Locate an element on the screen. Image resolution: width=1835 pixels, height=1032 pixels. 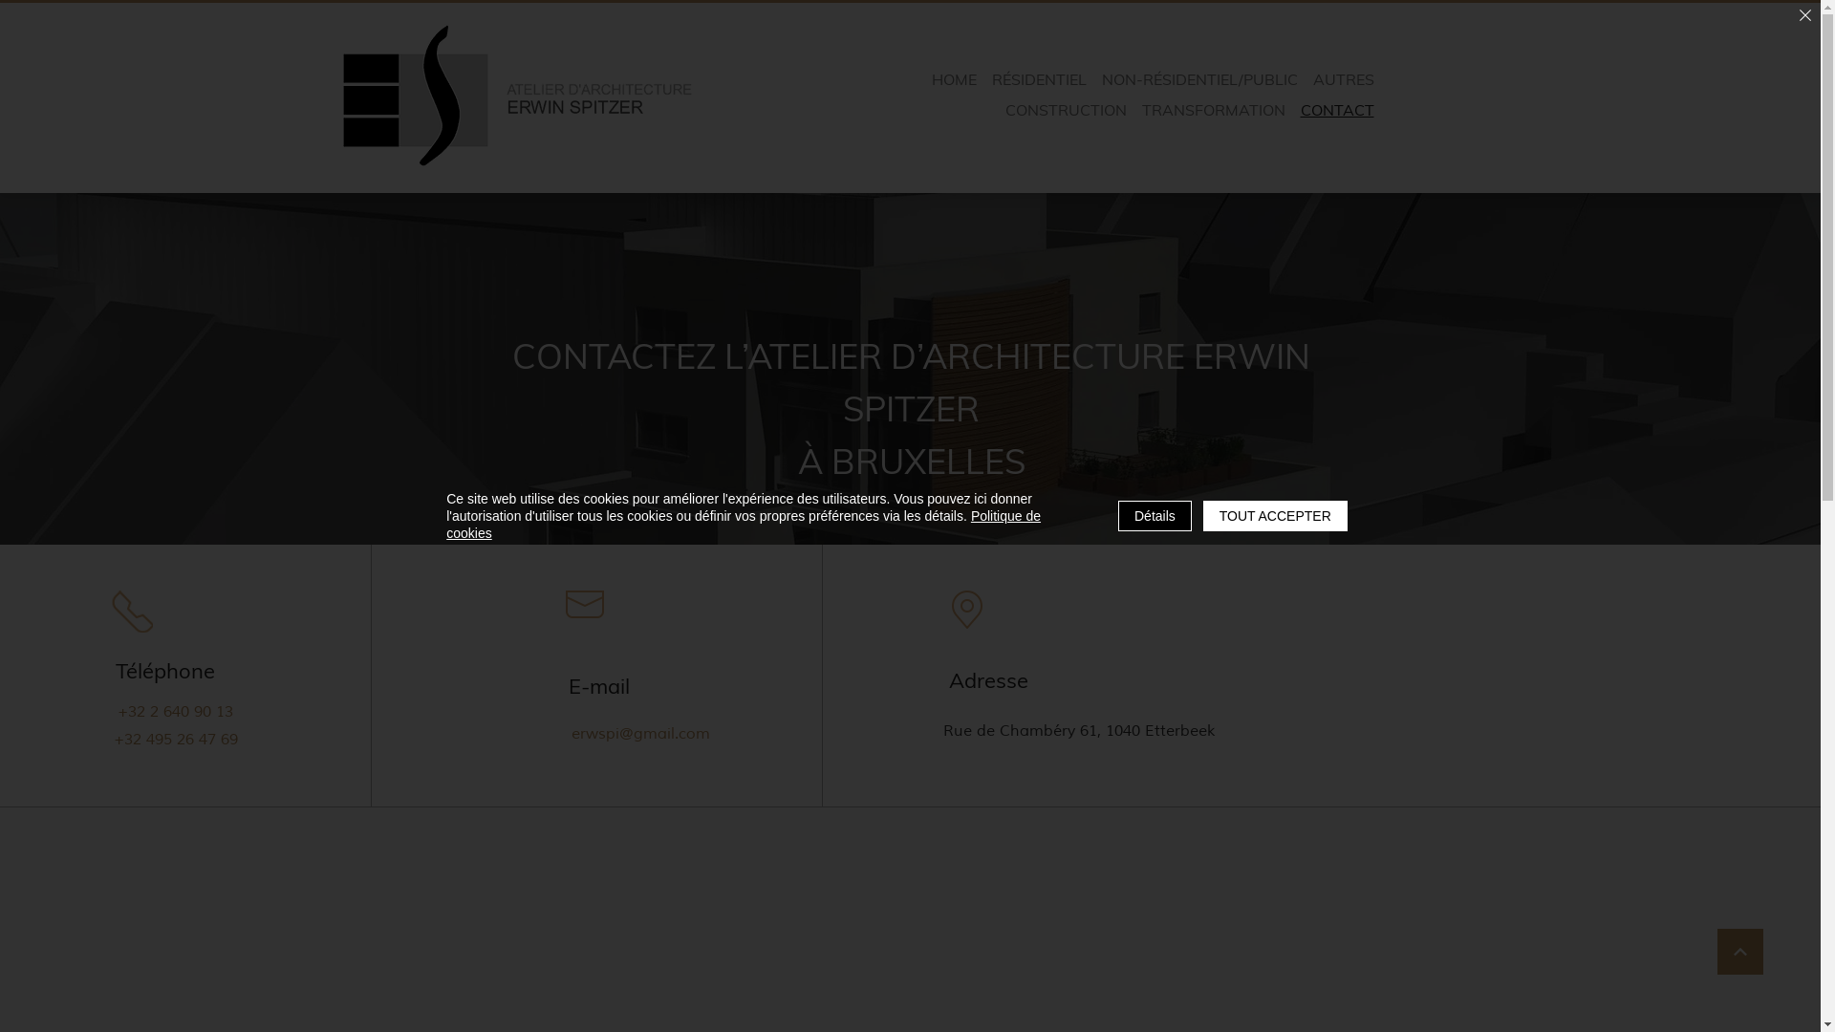
'+32 495 26 47 69' is located at coordinates (180, 738).